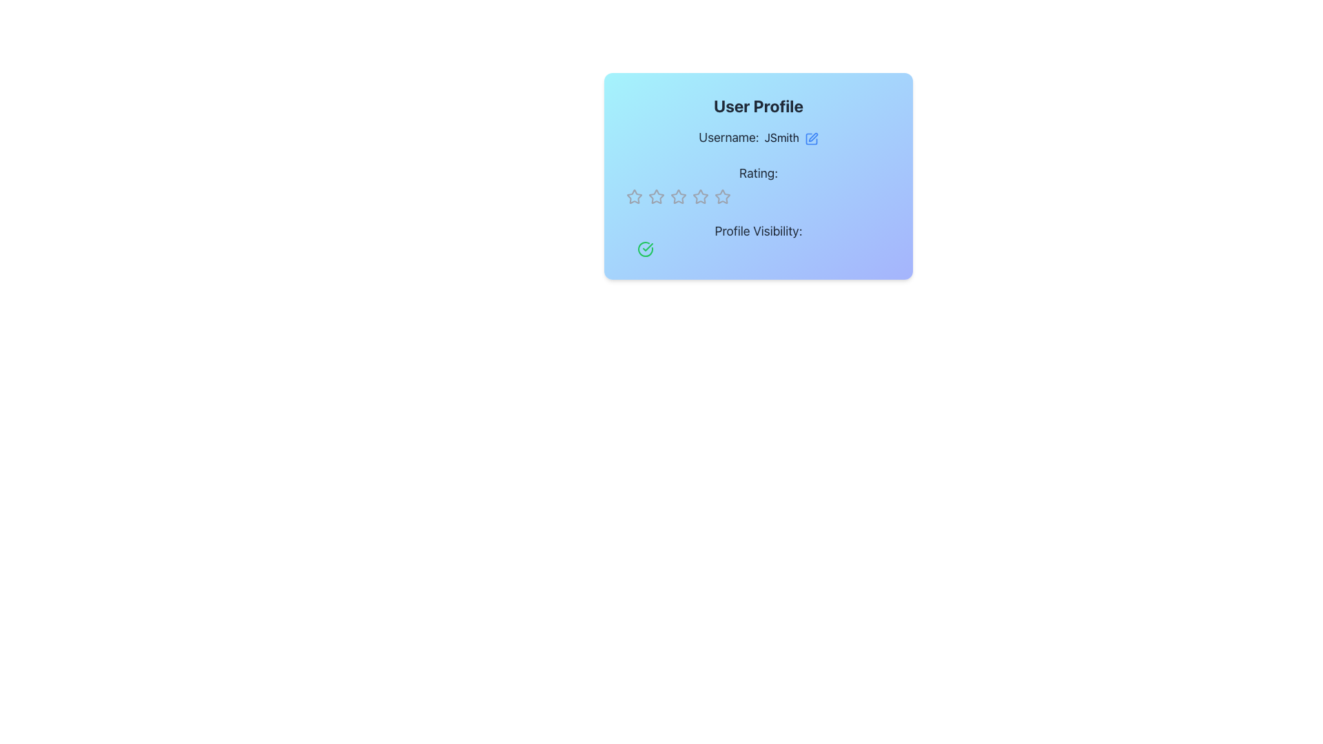  I want to click on the first unselected star icon for rating, which is gray and located under the 'Rating' label in the card layout, so click(634, 196).